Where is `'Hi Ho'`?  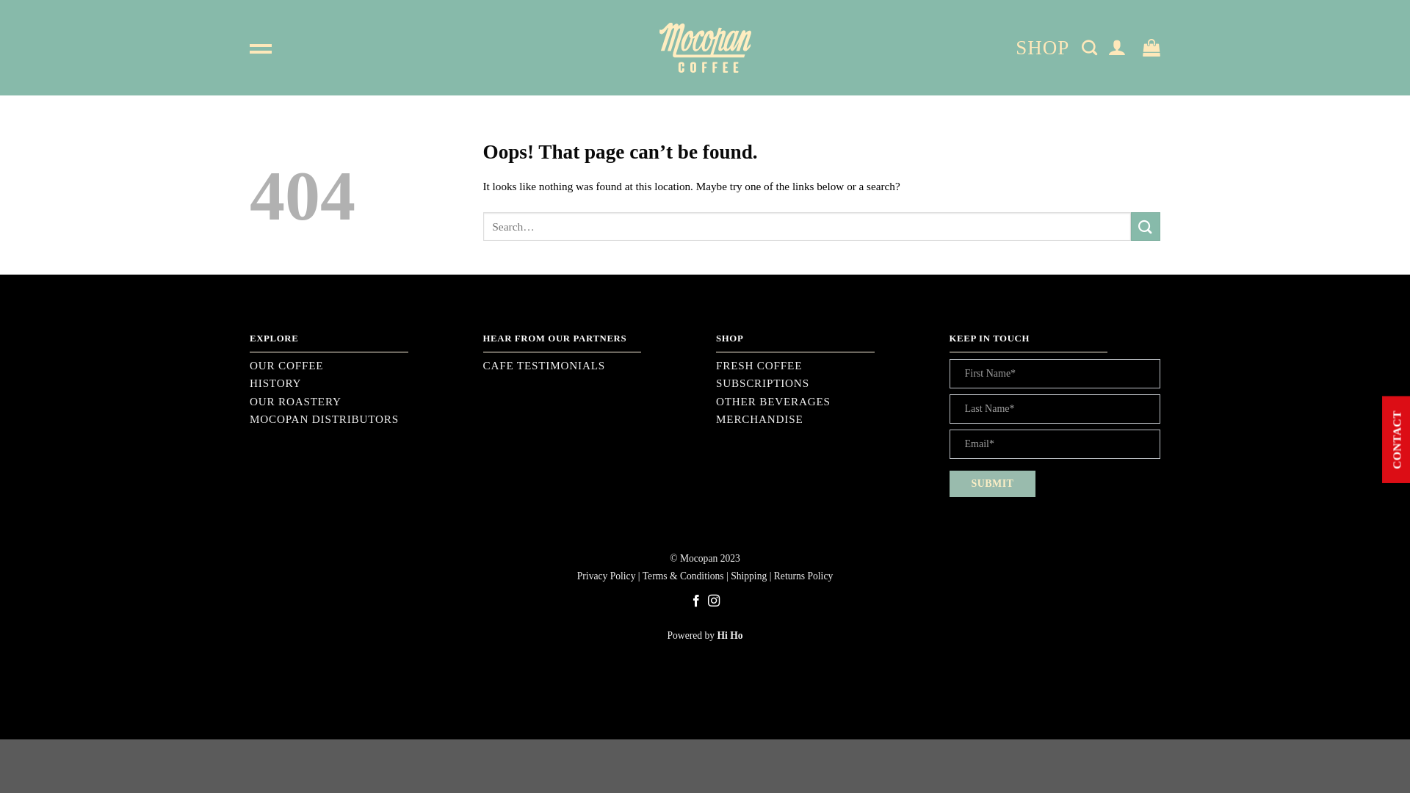
'Hi Ho' is located at coordinates (729, 634).